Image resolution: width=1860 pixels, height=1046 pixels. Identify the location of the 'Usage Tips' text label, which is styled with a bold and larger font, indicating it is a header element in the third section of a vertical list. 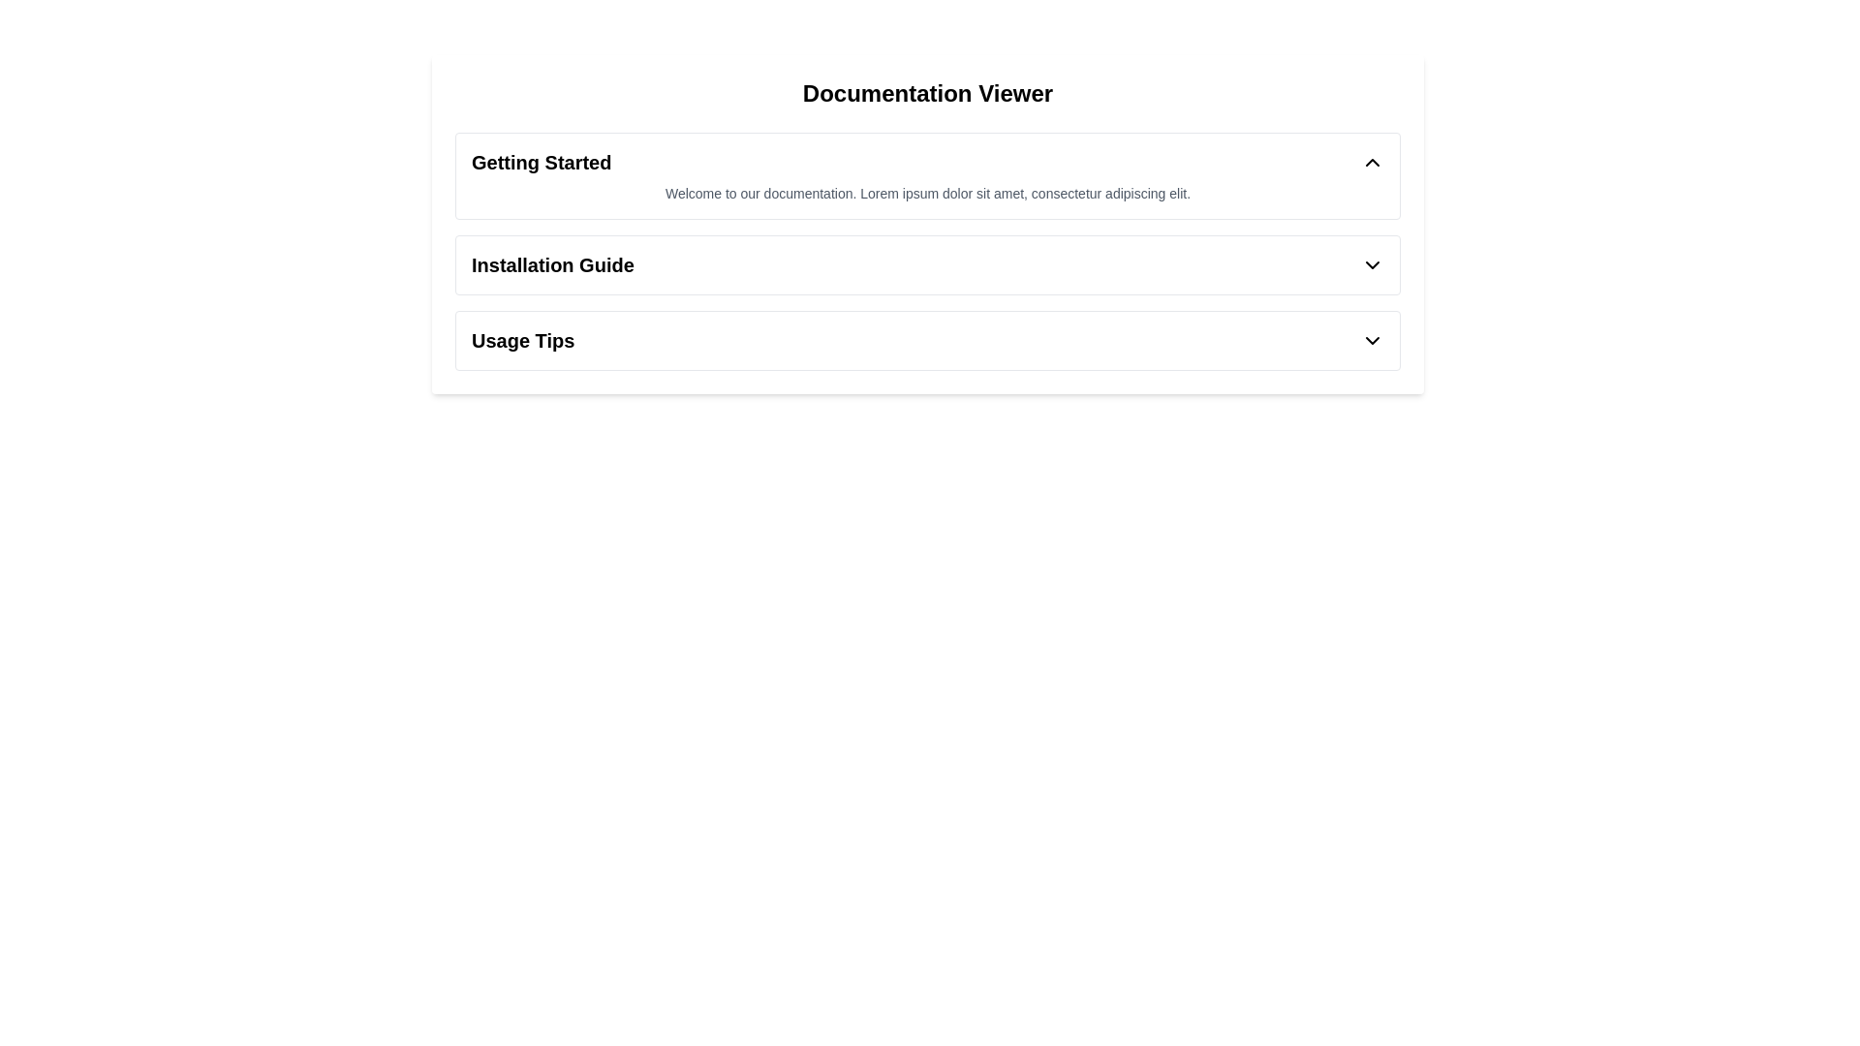
(523, 339).